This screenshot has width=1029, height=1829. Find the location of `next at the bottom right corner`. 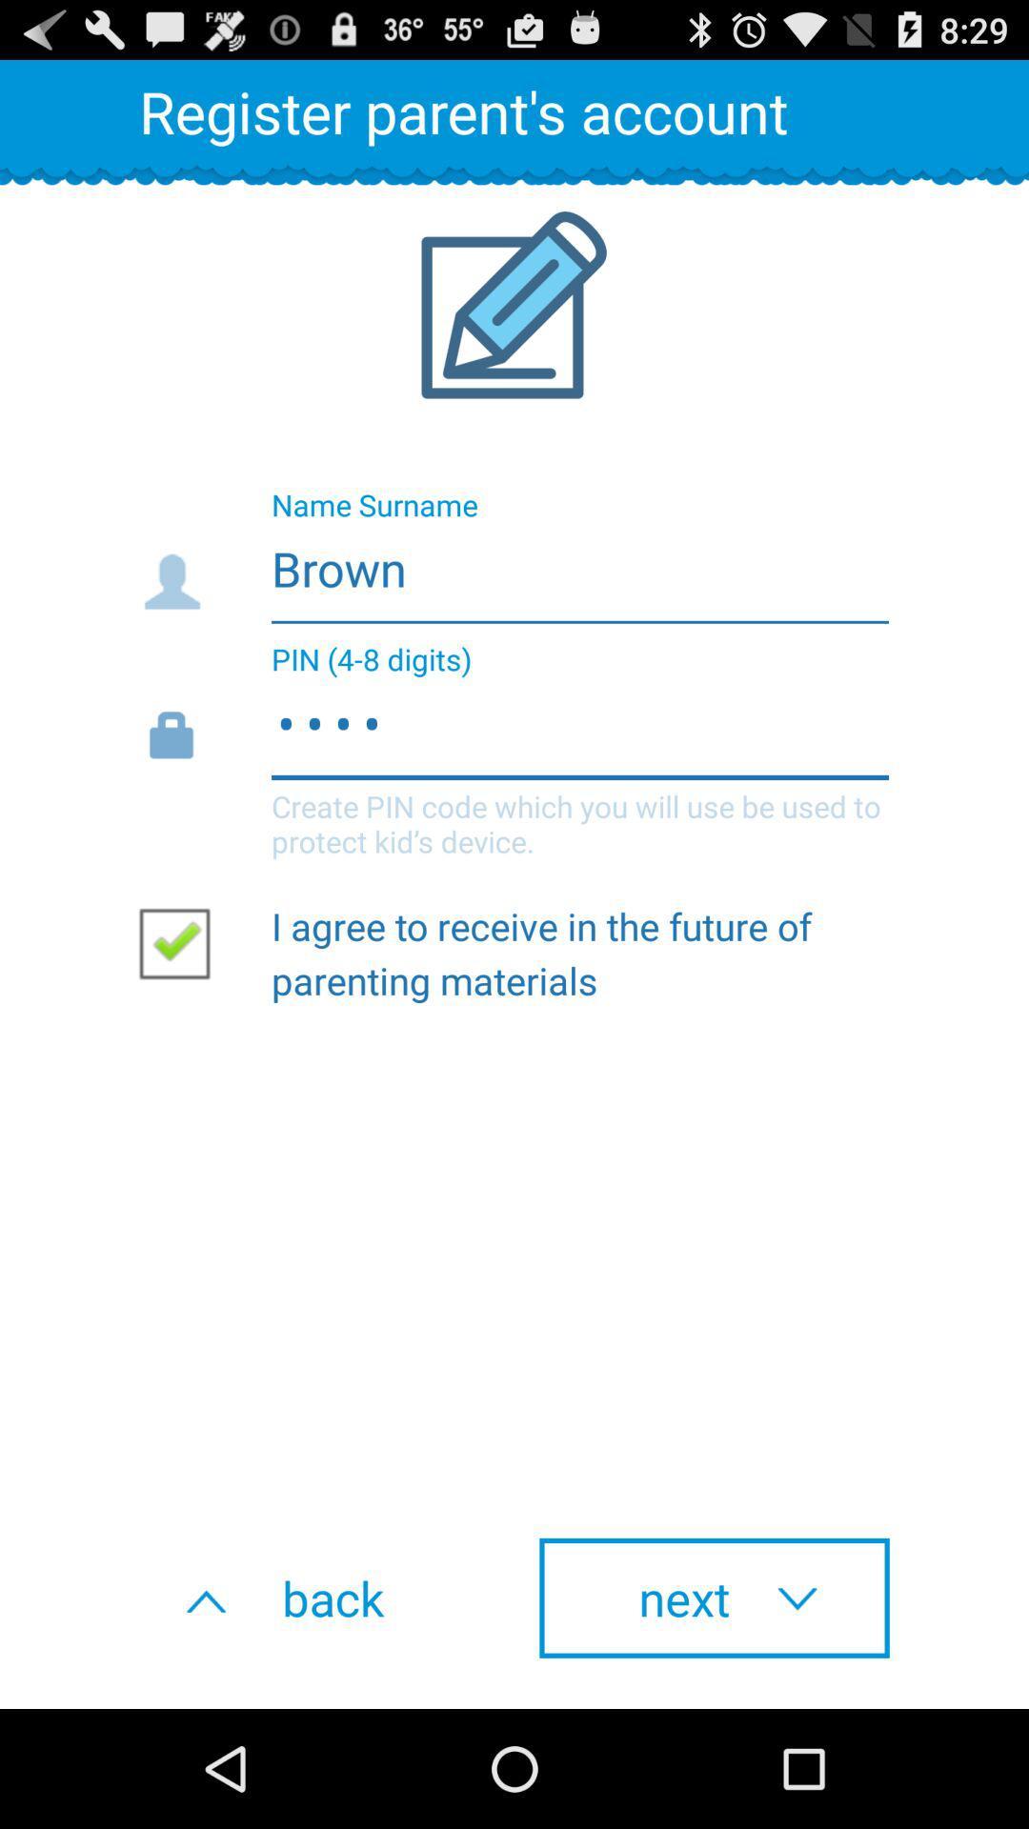

next at the bottom right corner is located at coordinates (714, 1598).